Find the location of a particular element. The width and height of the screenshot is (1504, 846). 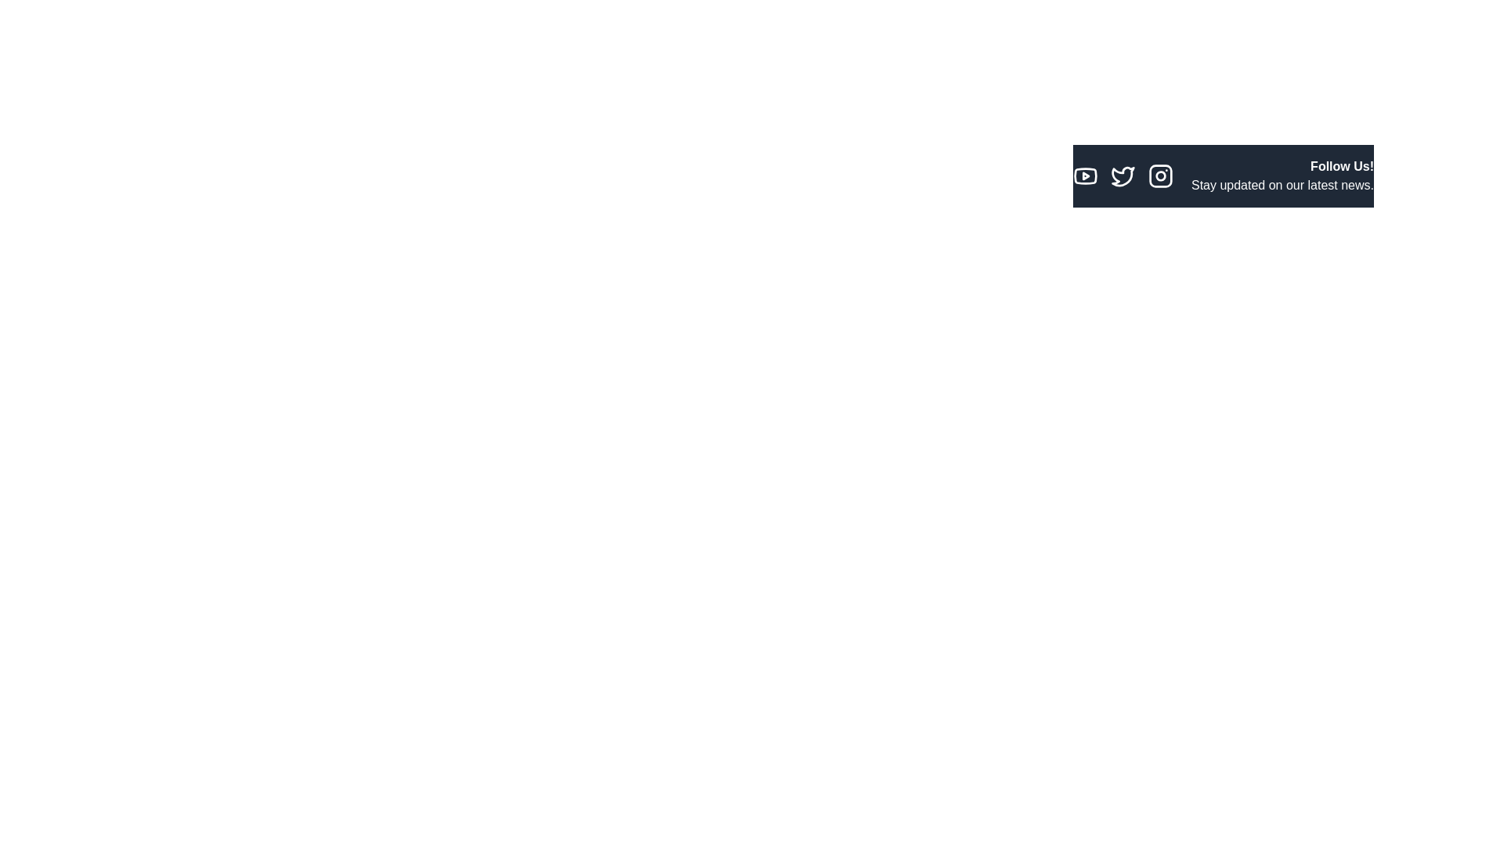

the Twitter icon, which is the second icon in a horizontal sequence of three icons located at the top-right side of the interface is located at coordinates (1123, 175).